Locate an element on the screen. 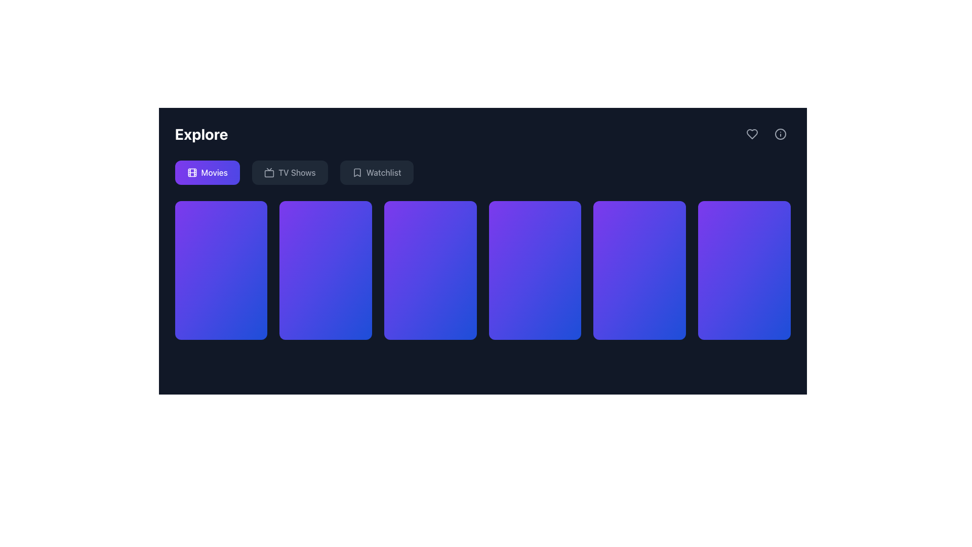 The width and height of the screenshot is (972, 547). the third button from the left in the horizontal button group at the top center of the application is located at coordinates (376, 172).